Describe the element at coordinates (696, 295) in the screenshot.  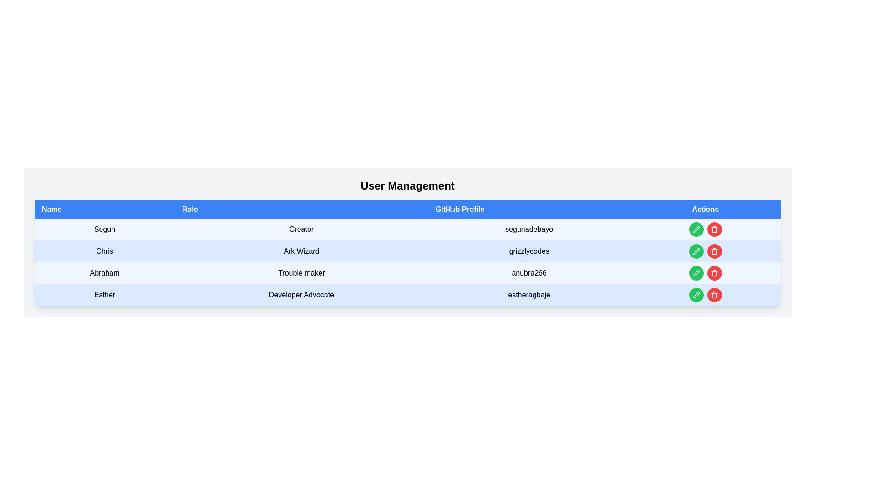
I see `the edit button located in the 'Actions' column of the table for the row with 'Esther' in the 'Name' column, which is the first button in the action panel next to a red circular trash icon` at that location.